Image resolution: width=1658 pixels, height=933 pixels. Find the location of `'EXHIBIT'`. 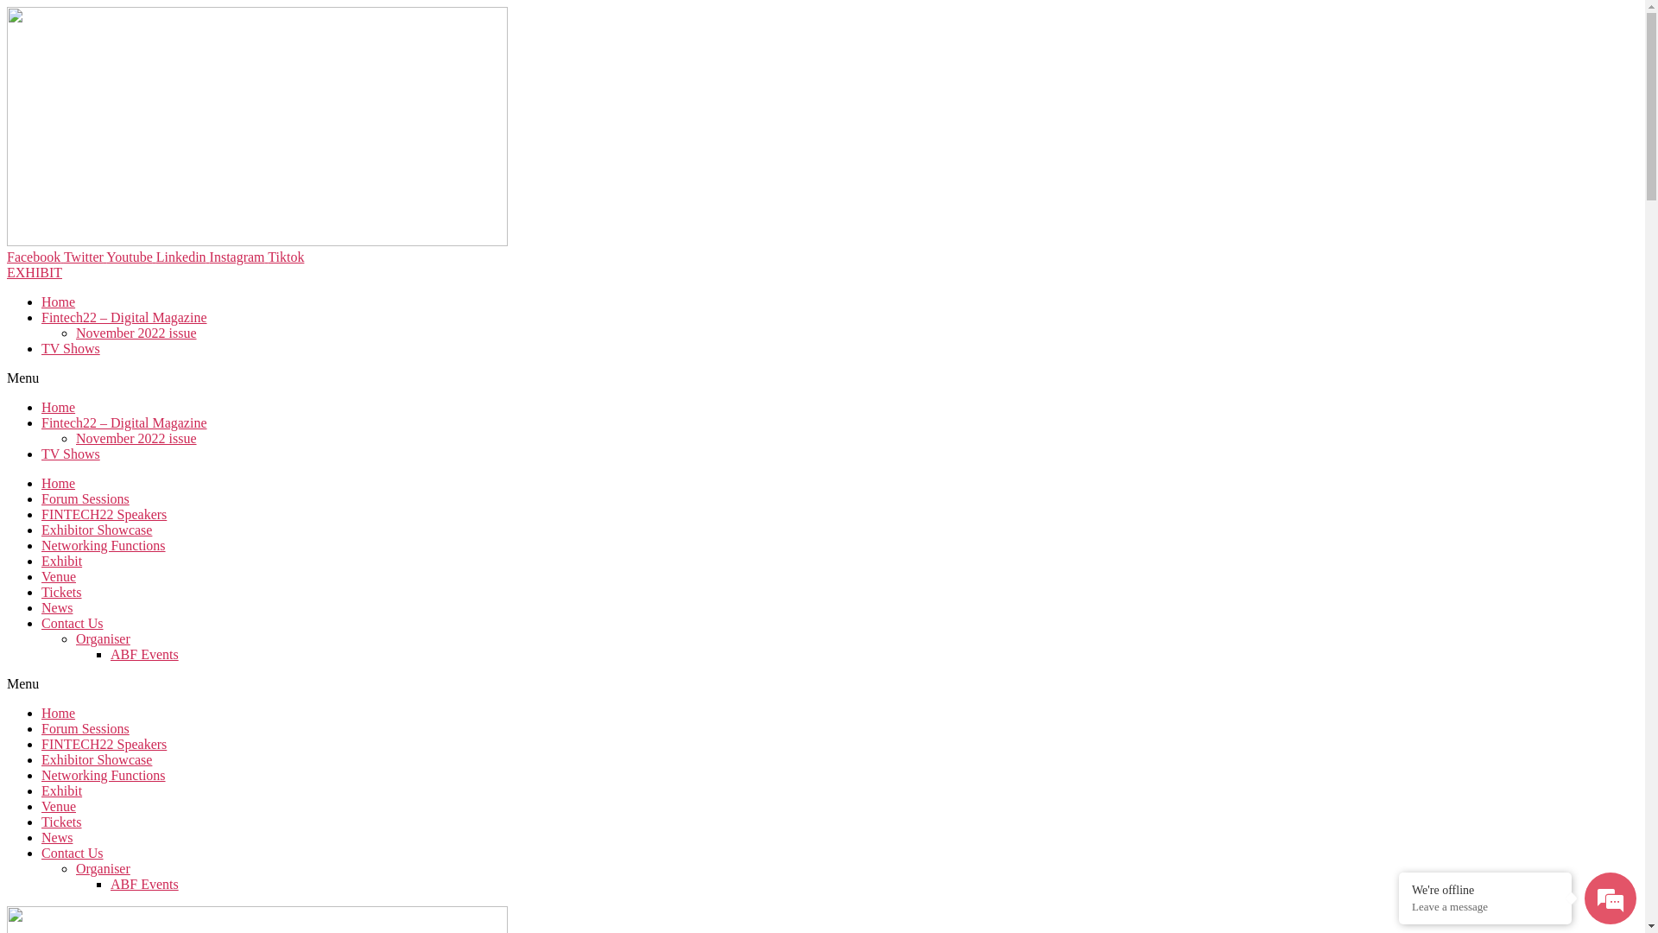

'EXHIBIT' is located at coordinates (34, 272).